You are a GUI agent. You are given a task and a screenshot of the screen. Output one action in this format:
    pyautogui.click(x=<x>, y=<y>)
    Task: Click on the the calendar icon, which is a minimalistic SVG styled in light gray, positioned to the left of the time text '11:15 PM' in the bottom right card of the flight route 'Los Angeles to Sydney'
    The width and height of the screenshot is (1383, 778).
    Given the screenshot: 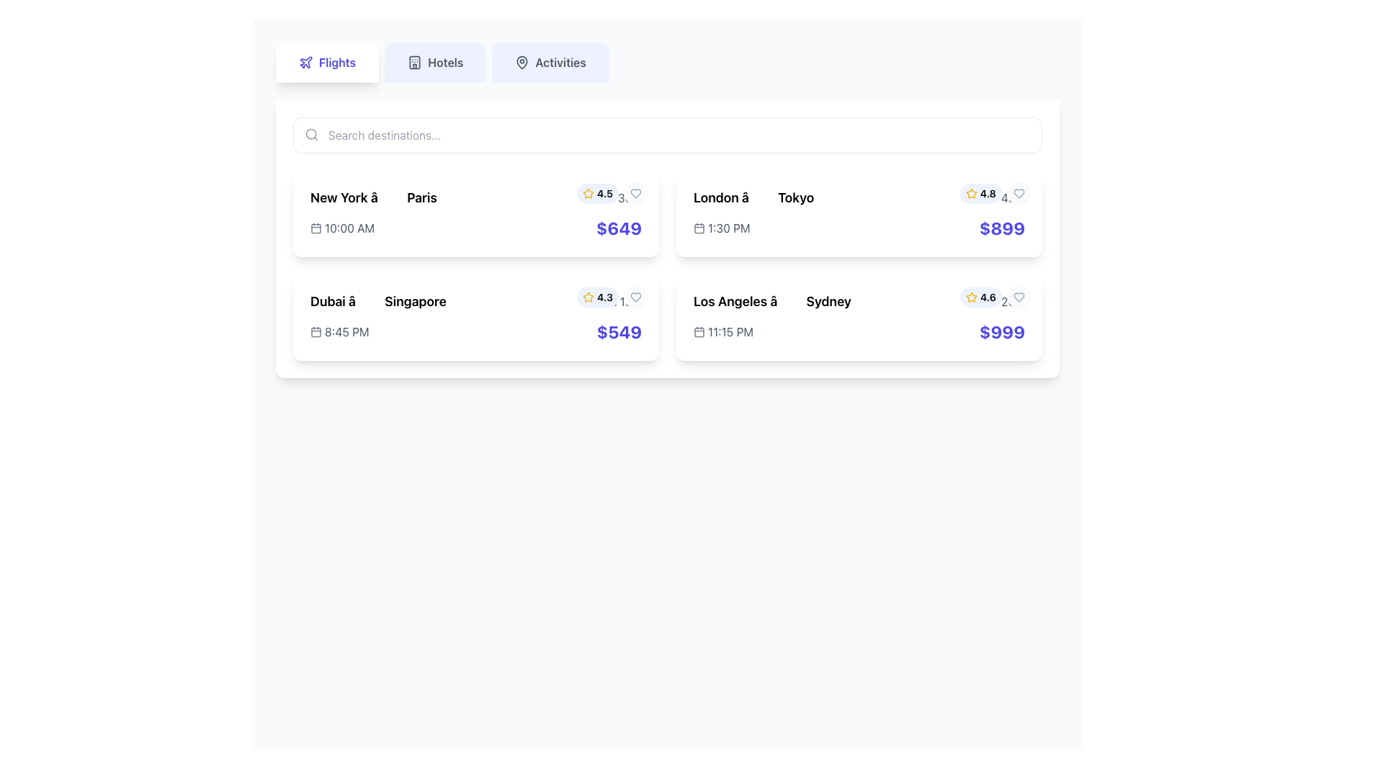 What is the action you would take?
    pyautogui.click(x=699, y=332)
    